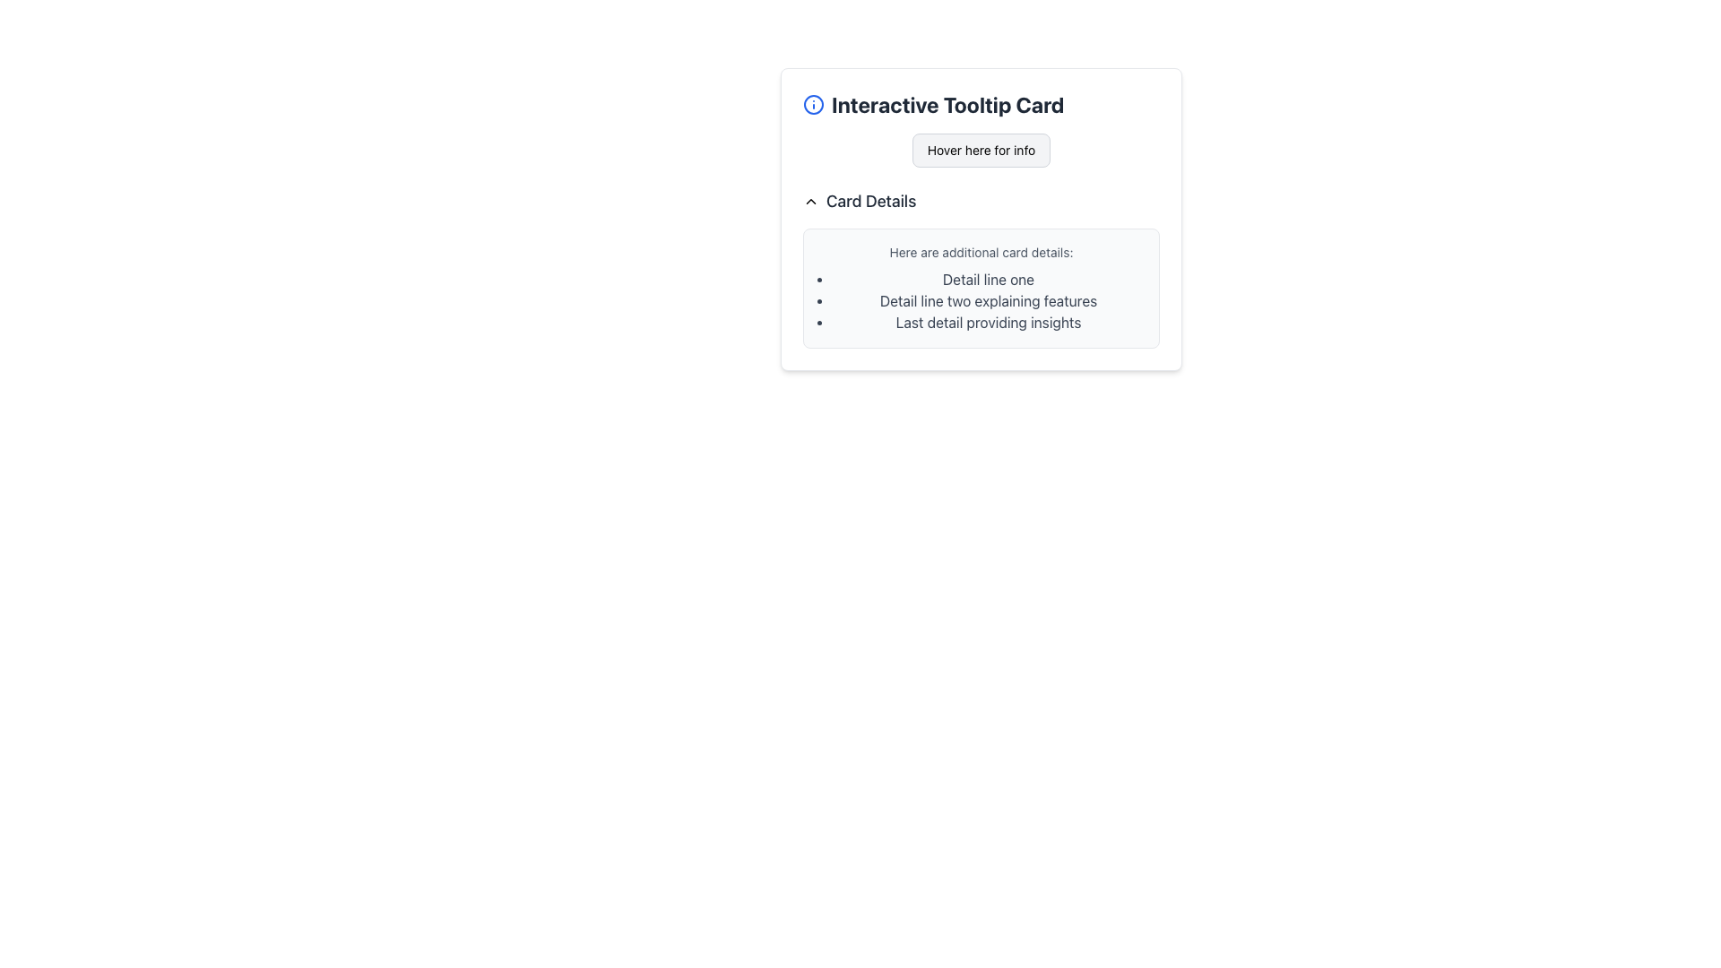  I want to click on the button labeled 'Hover here for info', which is a rectangular button with rounded corners, located centrally within the card interface below the title 'Interactive Tooltip Card', so click(980, 150).